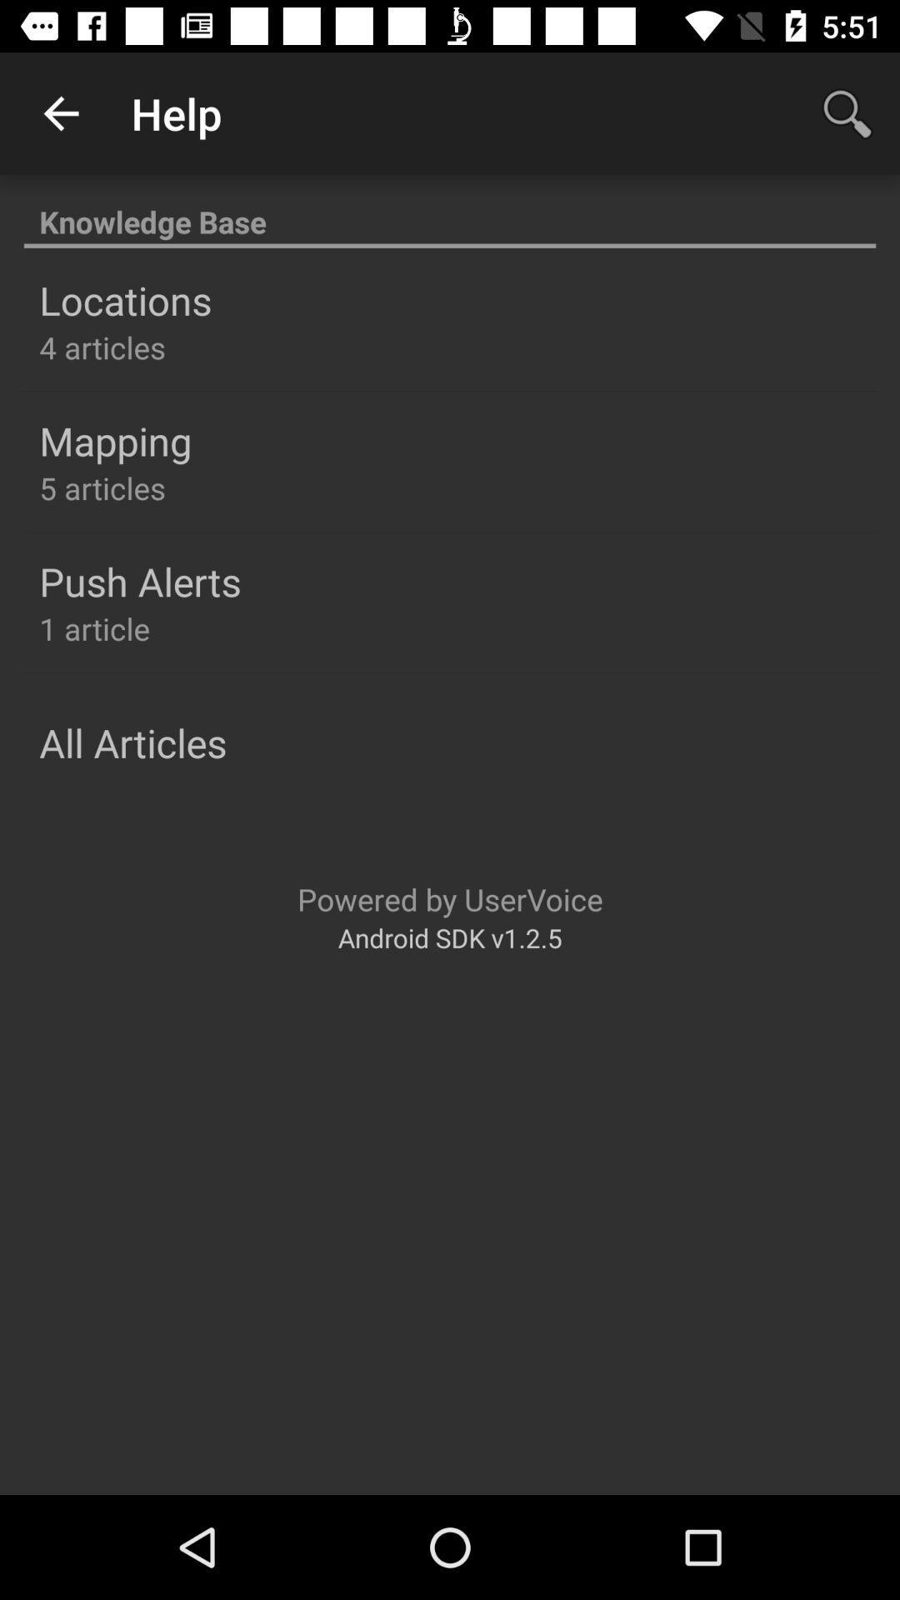 The height and width of the screenshot is (1600, 900). Describe the element at coordinates (60, 112) in the screenshot. I see `icon to the left of the help icon` at that location.